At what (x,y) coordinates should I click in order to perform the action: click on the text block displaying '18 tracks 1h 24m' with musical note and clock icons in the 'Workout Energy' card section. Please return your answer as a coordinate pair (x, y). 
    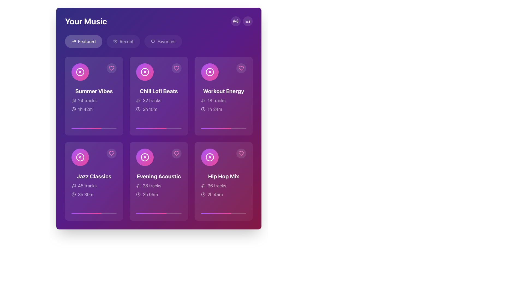
    Looking at the image, I should click on (224, 105).